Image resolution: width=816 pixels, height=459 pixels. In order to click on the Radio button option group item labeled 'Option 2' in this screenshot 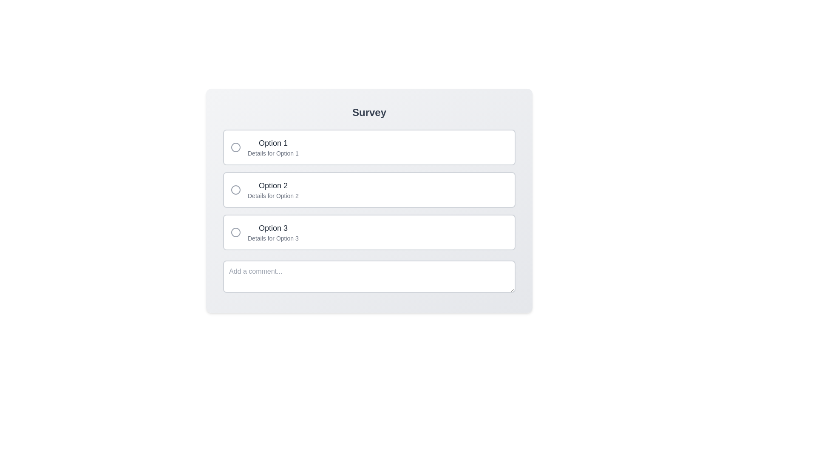, I will do `click(369, 190)`.